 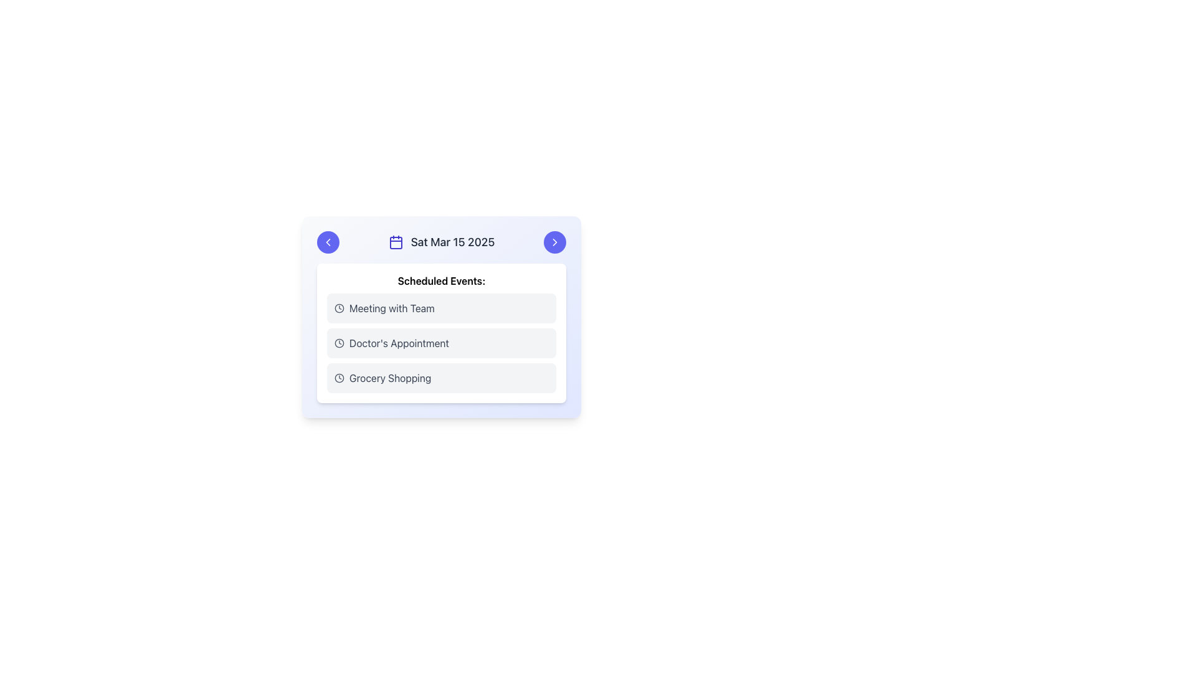 I want to click on the calendar icon located at the top left of the section, adjacent to the date 'Sat Mar 15 2025', so click(x=395, y=242).